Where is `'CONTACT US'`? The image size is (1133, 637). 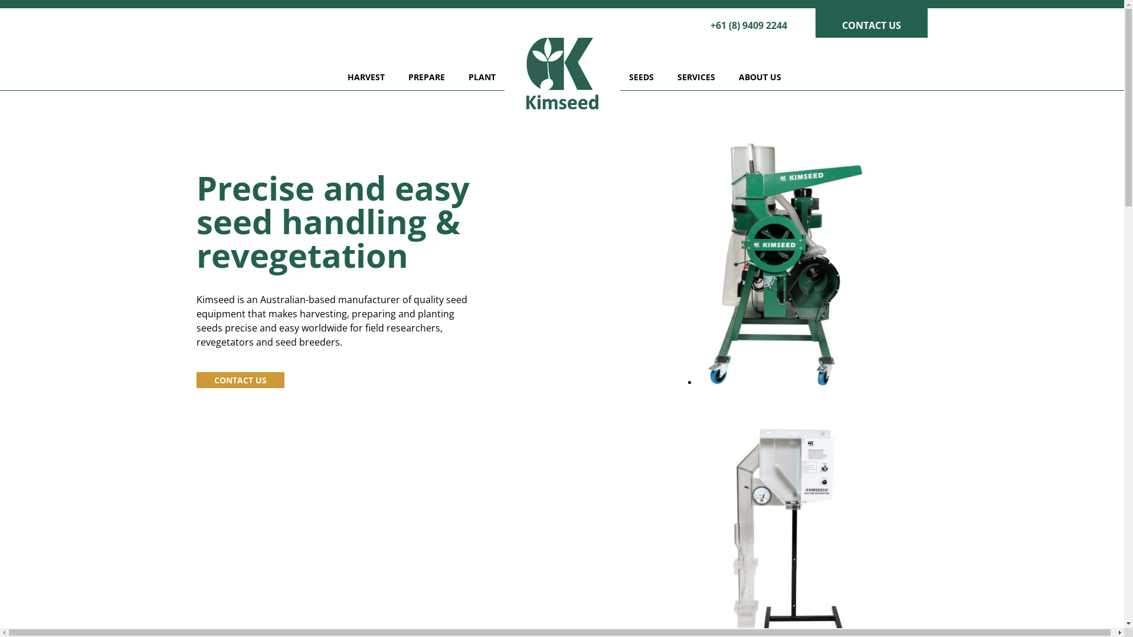
'CONTACT US' is located at coordinates (872, 22).